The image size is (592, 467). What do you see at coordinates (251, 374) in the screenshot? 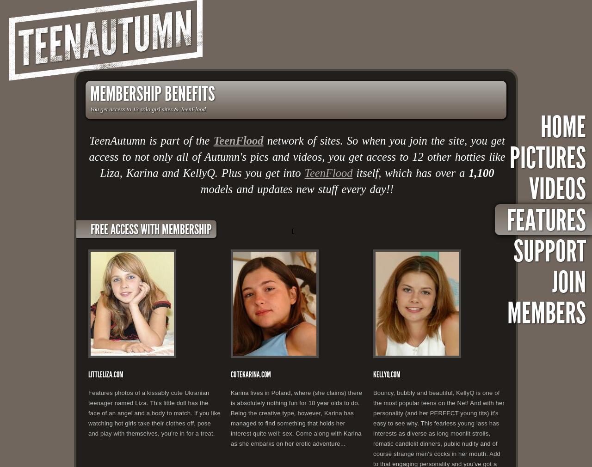
I see `'CuteKarina.com'` at bounding box center [251, 374].